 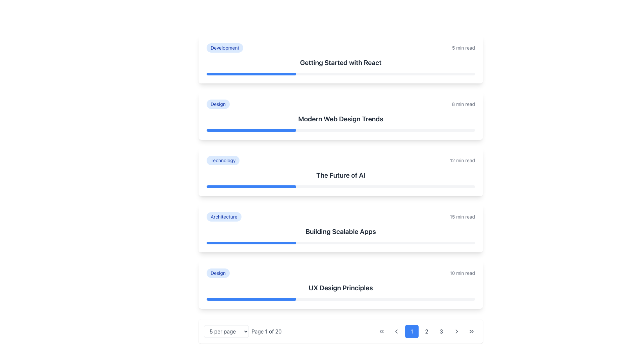 I want to click on the left-facing chevron icon button located in the pagination bar at the bottom-center of the layout, so click(x=396, y=331).